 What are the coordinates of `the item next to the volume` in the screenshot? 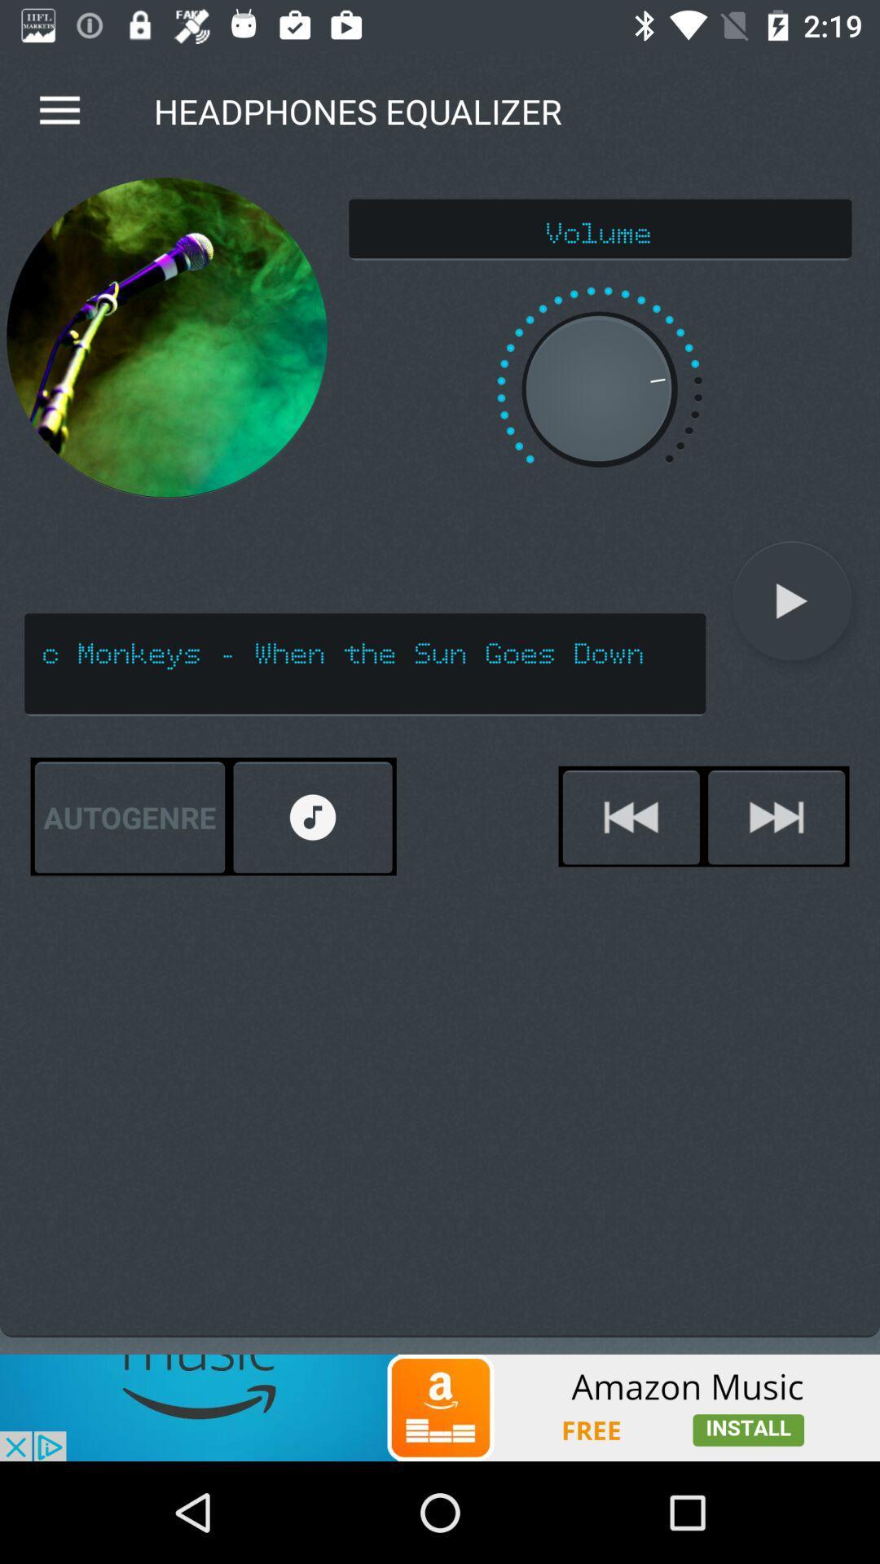 It's located at (167, 337).